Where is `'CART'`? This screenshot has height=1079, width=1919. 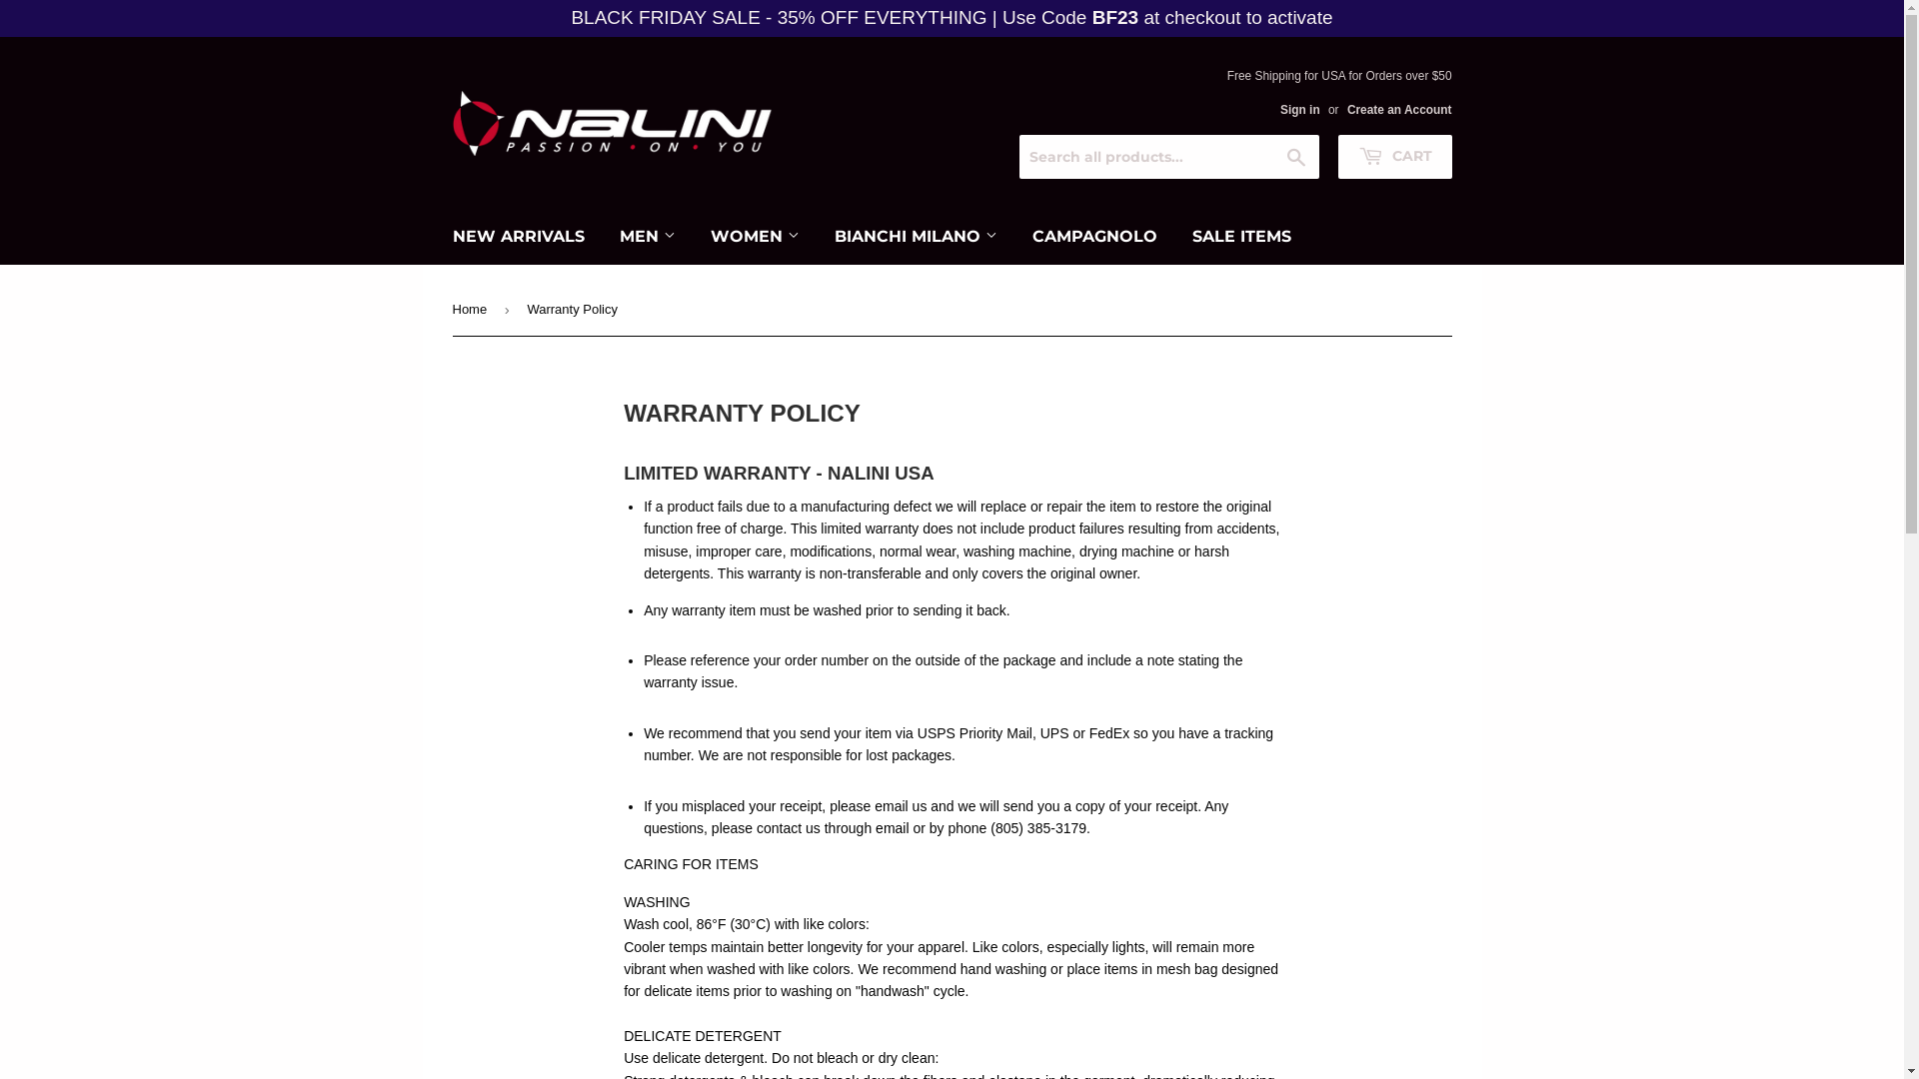
'CART' is located at coordinates (1393, 156).